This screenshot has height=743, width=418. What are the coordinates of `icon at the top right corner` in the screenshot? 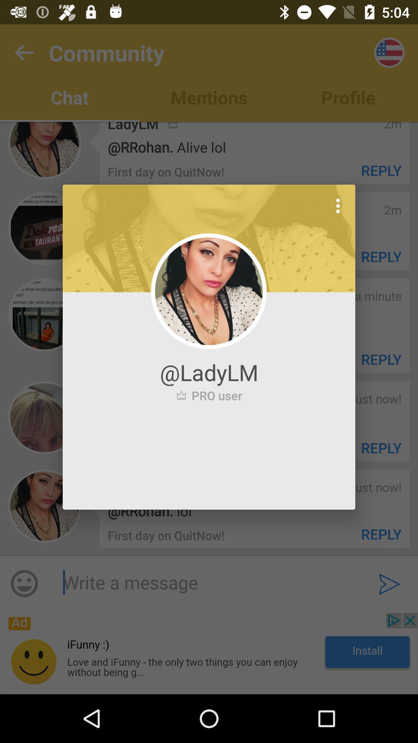 It's located at (337, 206).